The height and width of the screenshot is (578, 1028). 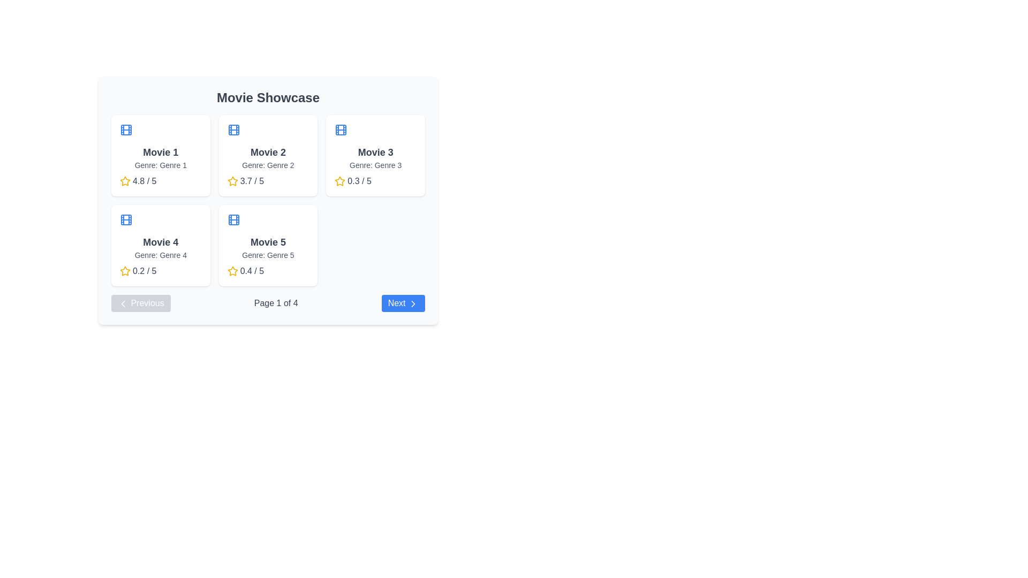 What do you see at coordinates (341, 130) in the screenshot?
I see `the film strip icon, which is light blue and represents 'Movie 3' in the top-right corner of the 'Movie Showcase' grid layout` at bounding box center [341, 130].